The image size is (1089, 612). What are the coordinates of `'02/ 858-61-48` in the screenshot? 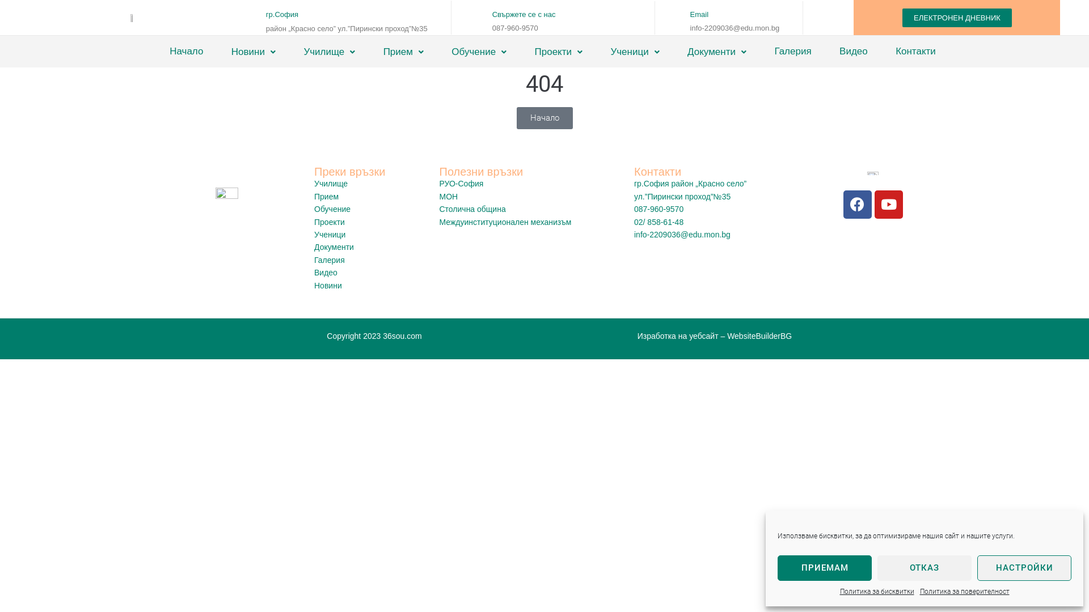 It's located at (712, 228).